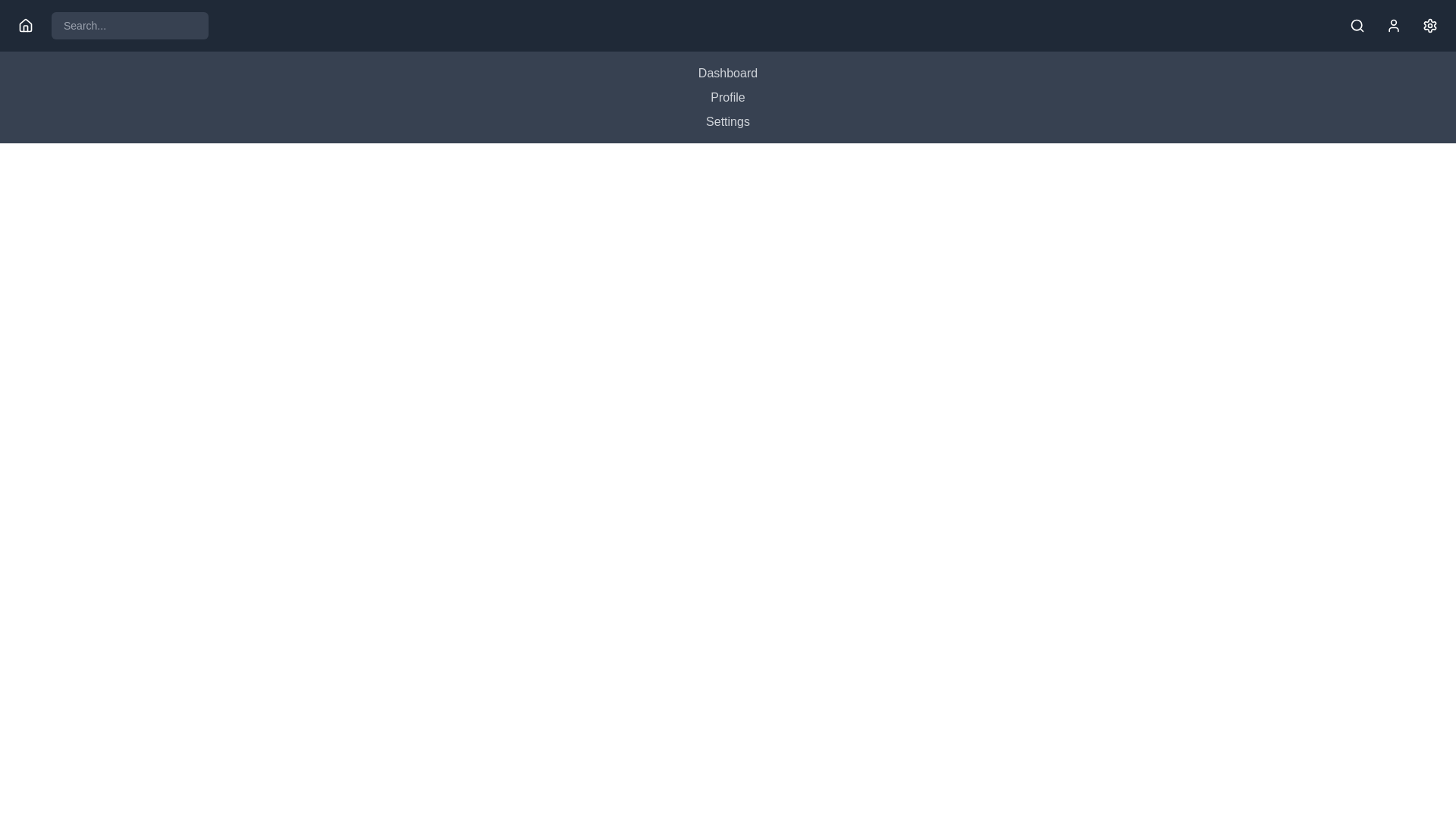  I want to click on the user account options icon, which is the second icon in a group of three located on the right side of the top header bar, so click(1394, 26).